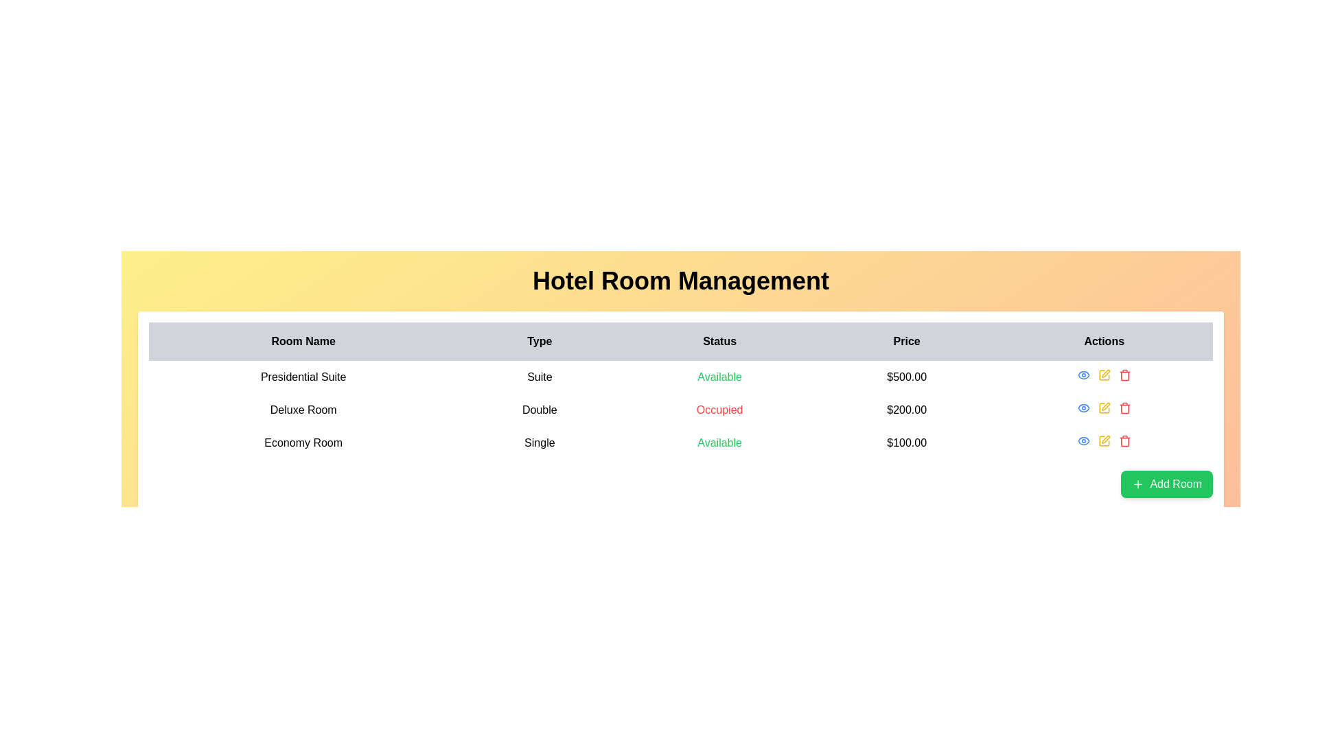 The height and width of the screenshot is (741, 1318). What do you see at coordinates (1083, 441) in the screenshot?
I see `the 'View' icon button for the 'Economy Room' in the Actions column for keyboard navigation` at bounding box center [1083, 441].